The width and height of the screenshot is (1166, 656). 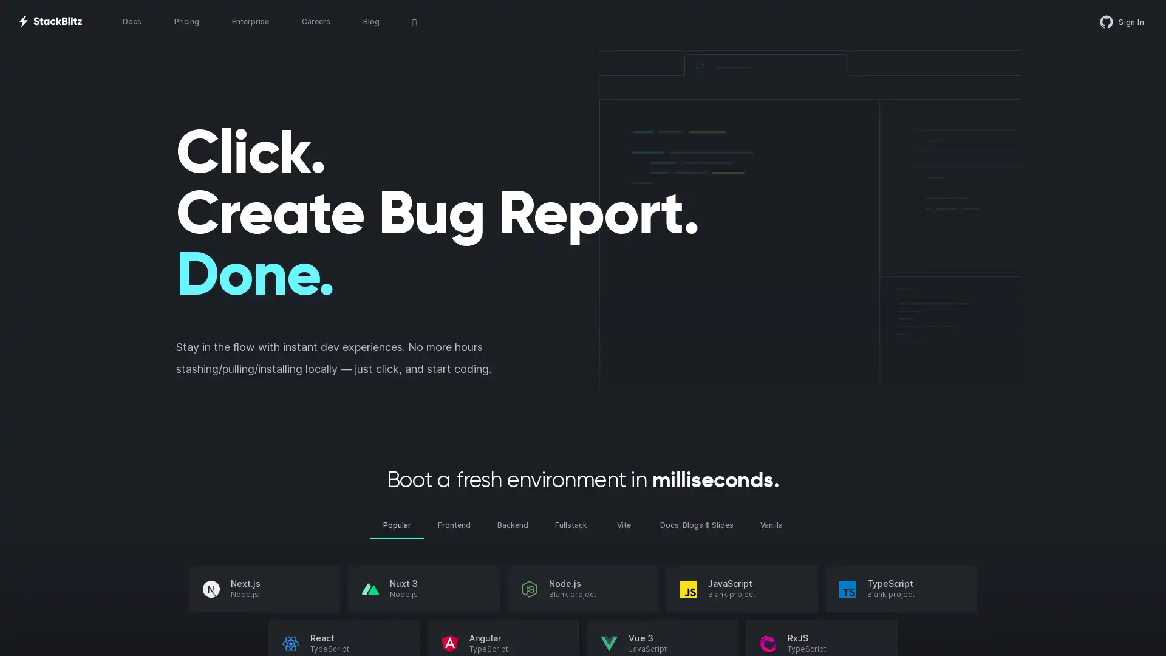 What do you see at coordinates (1122, 21) in the screenshot?
I see `Sign In` at bounding box center [1122, 21].